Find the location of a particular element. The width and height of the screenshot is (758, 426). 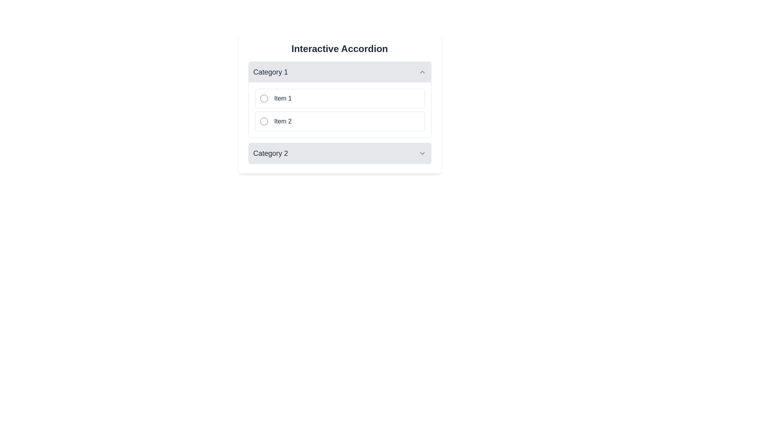

the text label 'Item 2' which is styled in dark gray and located within the collapsible list 'Category 1' is located at coordinates (283, 121).